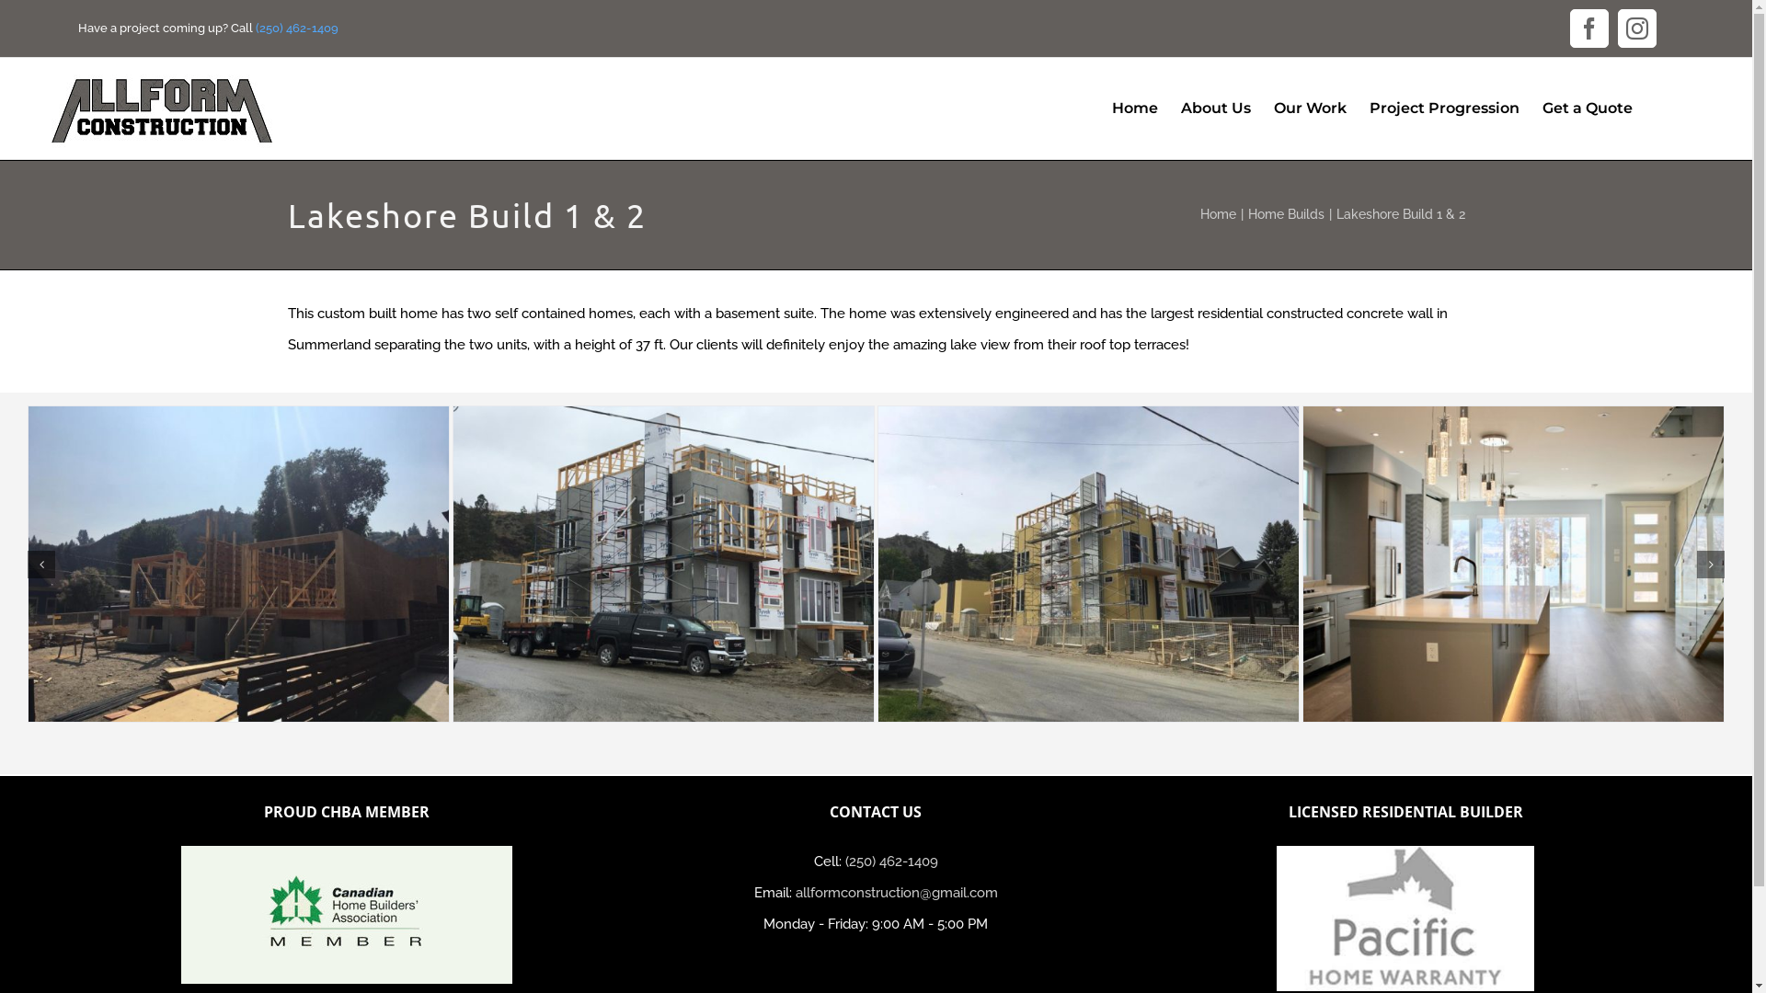 The height and width of the screenshot is (993, 1766). I want to click on 'About Us', so click(1215, 108).